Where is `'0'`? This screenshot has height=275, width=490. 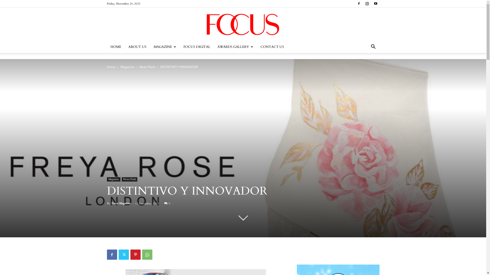
'0' is located at coordinates (167, 203).